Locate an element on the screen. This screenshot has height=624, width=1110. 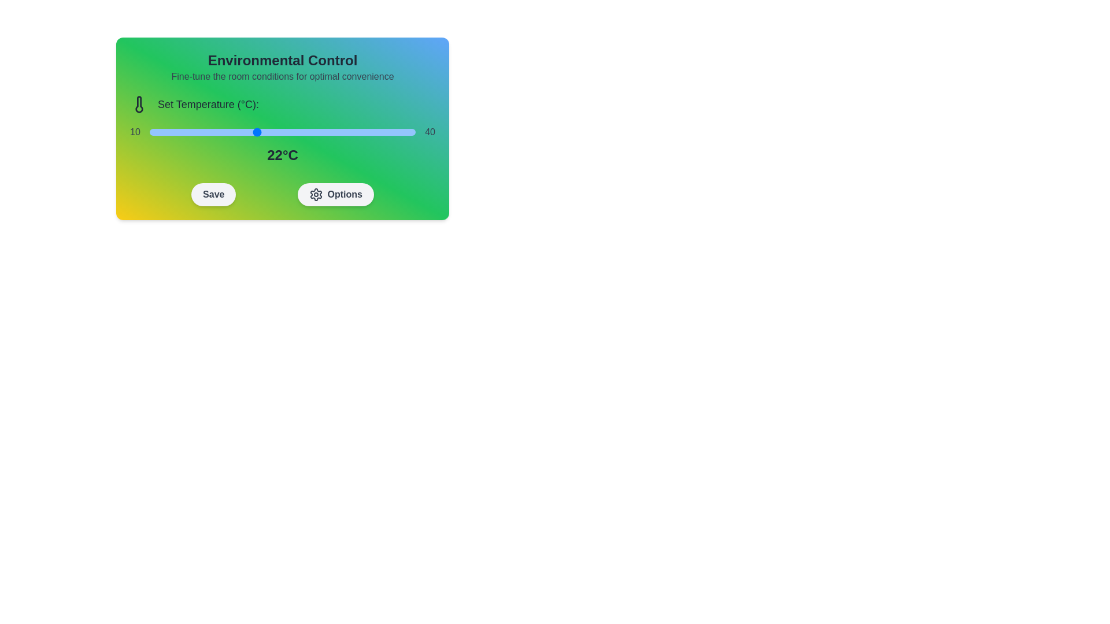
the thermometer icon located in the 'Set Temperature (°C):' section, which is styled in black with a circular base and slender shaft, positioned to the left of the text label is located at coordinates (139, 105).